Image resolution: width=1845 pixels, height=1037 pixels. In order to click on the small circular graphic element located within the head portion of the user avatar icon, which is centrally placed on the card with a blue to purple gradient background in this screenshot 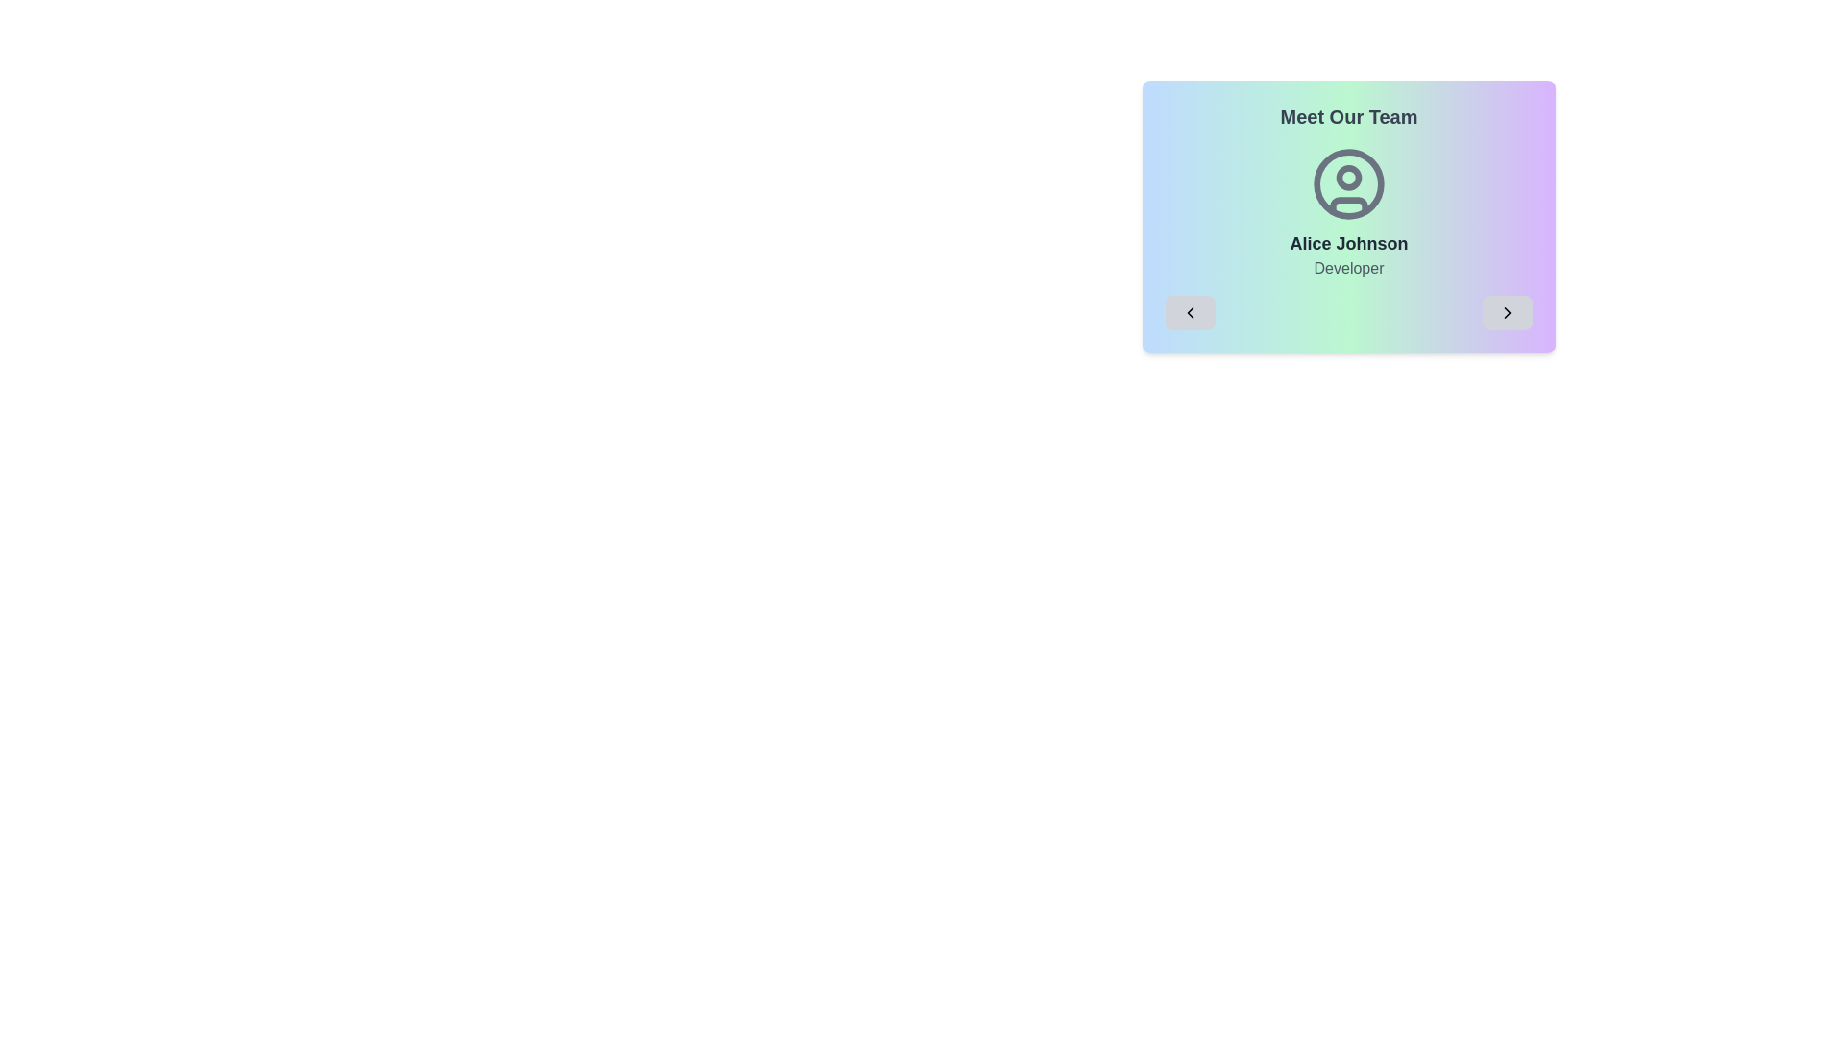, I will do `click(1347, 178)`.